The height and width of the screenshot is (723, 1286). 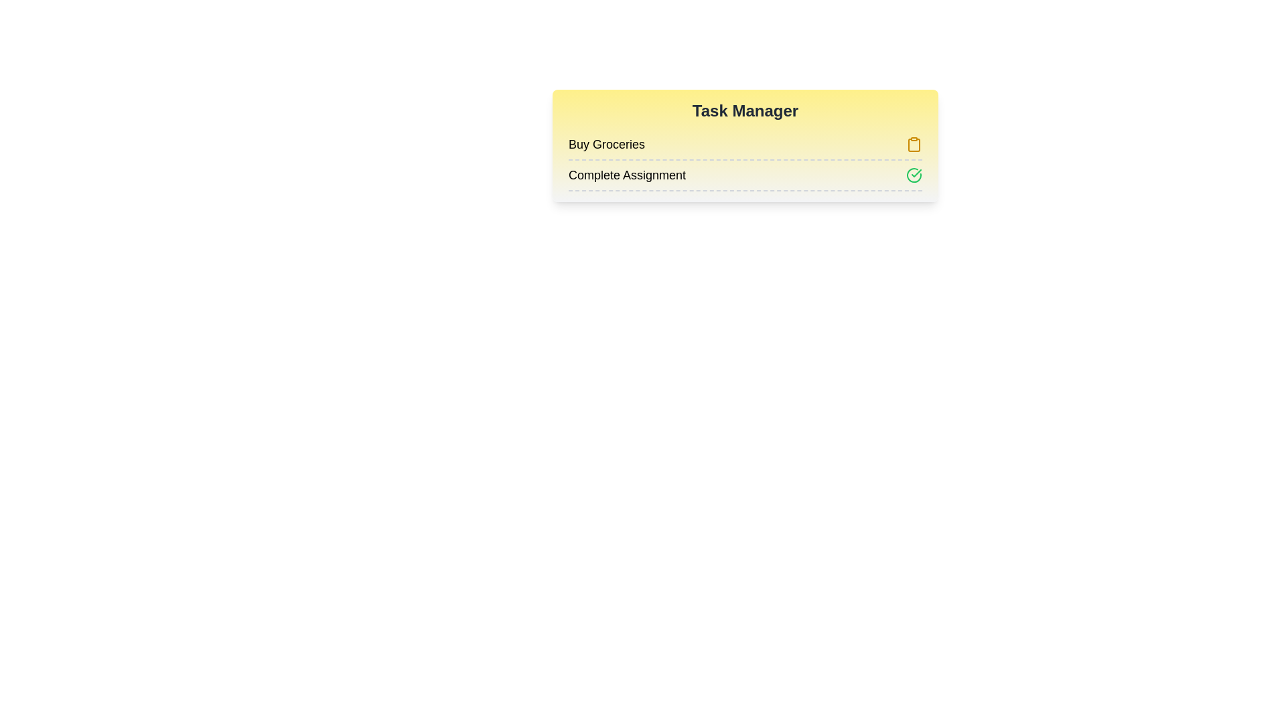 I want to click on the checkmark icon within a circular frame, which indicates the completion of the second task adjacent to 'Complete Assignment', so click(x=916, y=172).